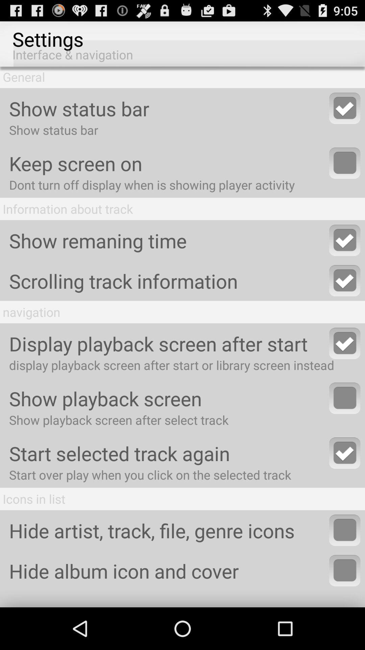  I want to click on activate this option, so click(345, 163).